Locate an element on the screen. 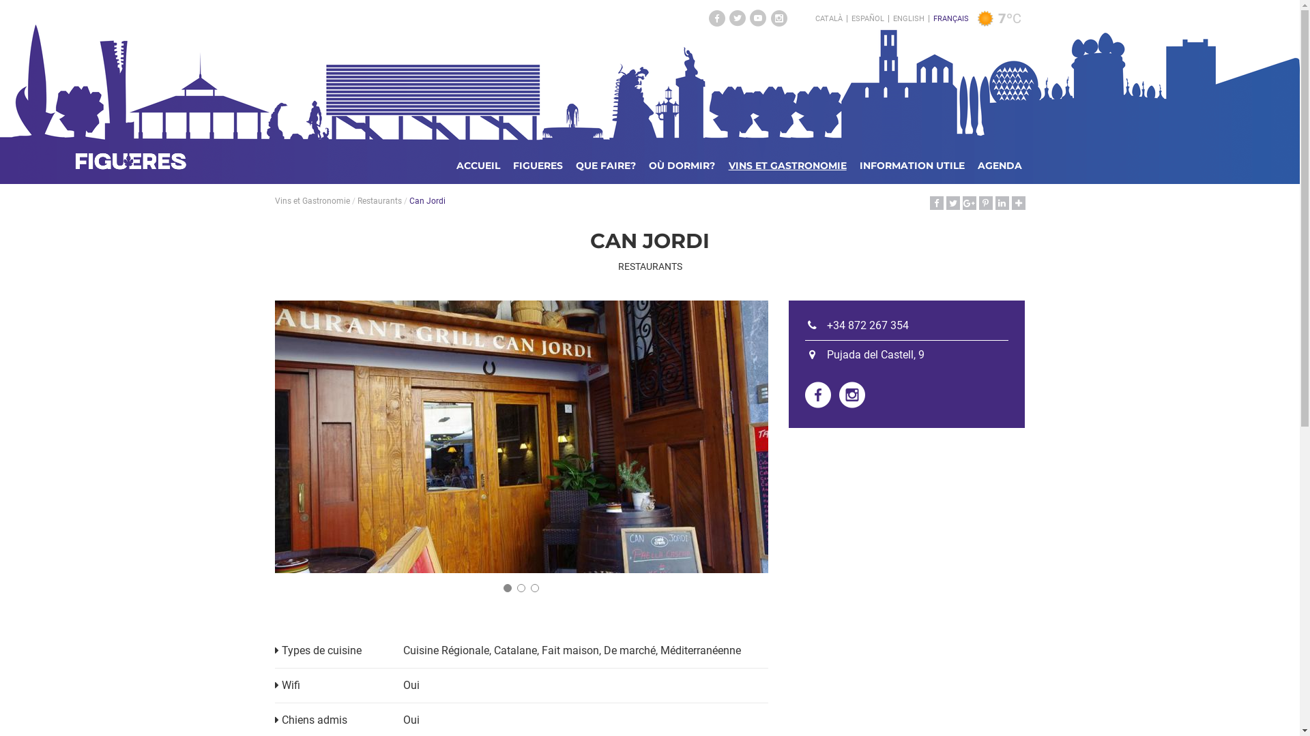  '2' is located at coordinates (520, 587).